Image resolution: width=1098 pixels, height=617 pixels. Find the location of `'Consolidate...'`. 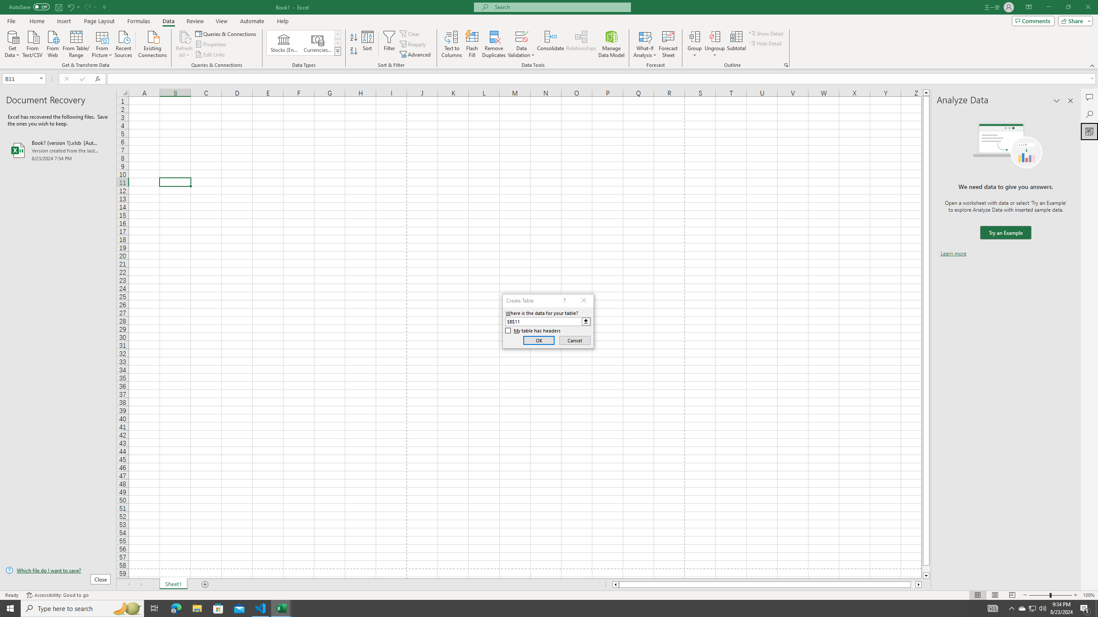

'Consolidate...' is located at coordinates (550, 44).